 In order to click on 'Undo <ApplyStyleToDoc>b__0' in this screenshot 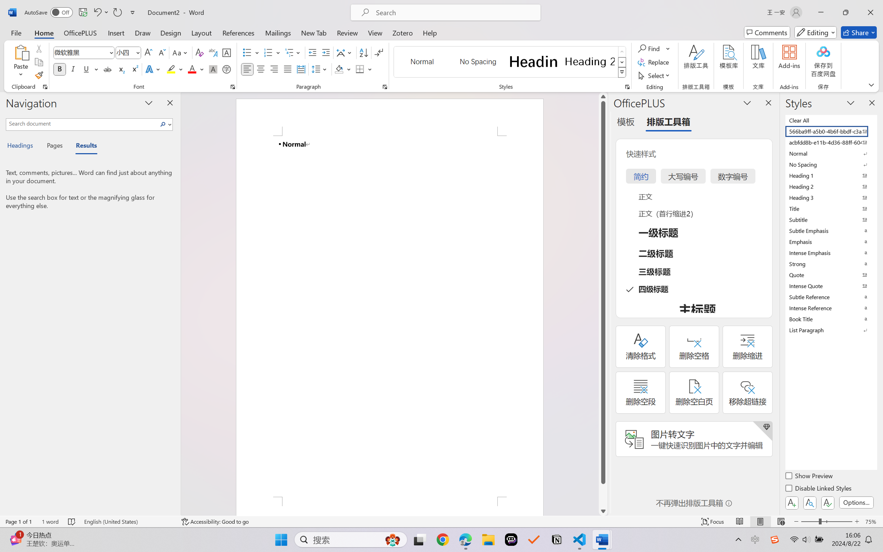, I will do `click(97, 12)`.